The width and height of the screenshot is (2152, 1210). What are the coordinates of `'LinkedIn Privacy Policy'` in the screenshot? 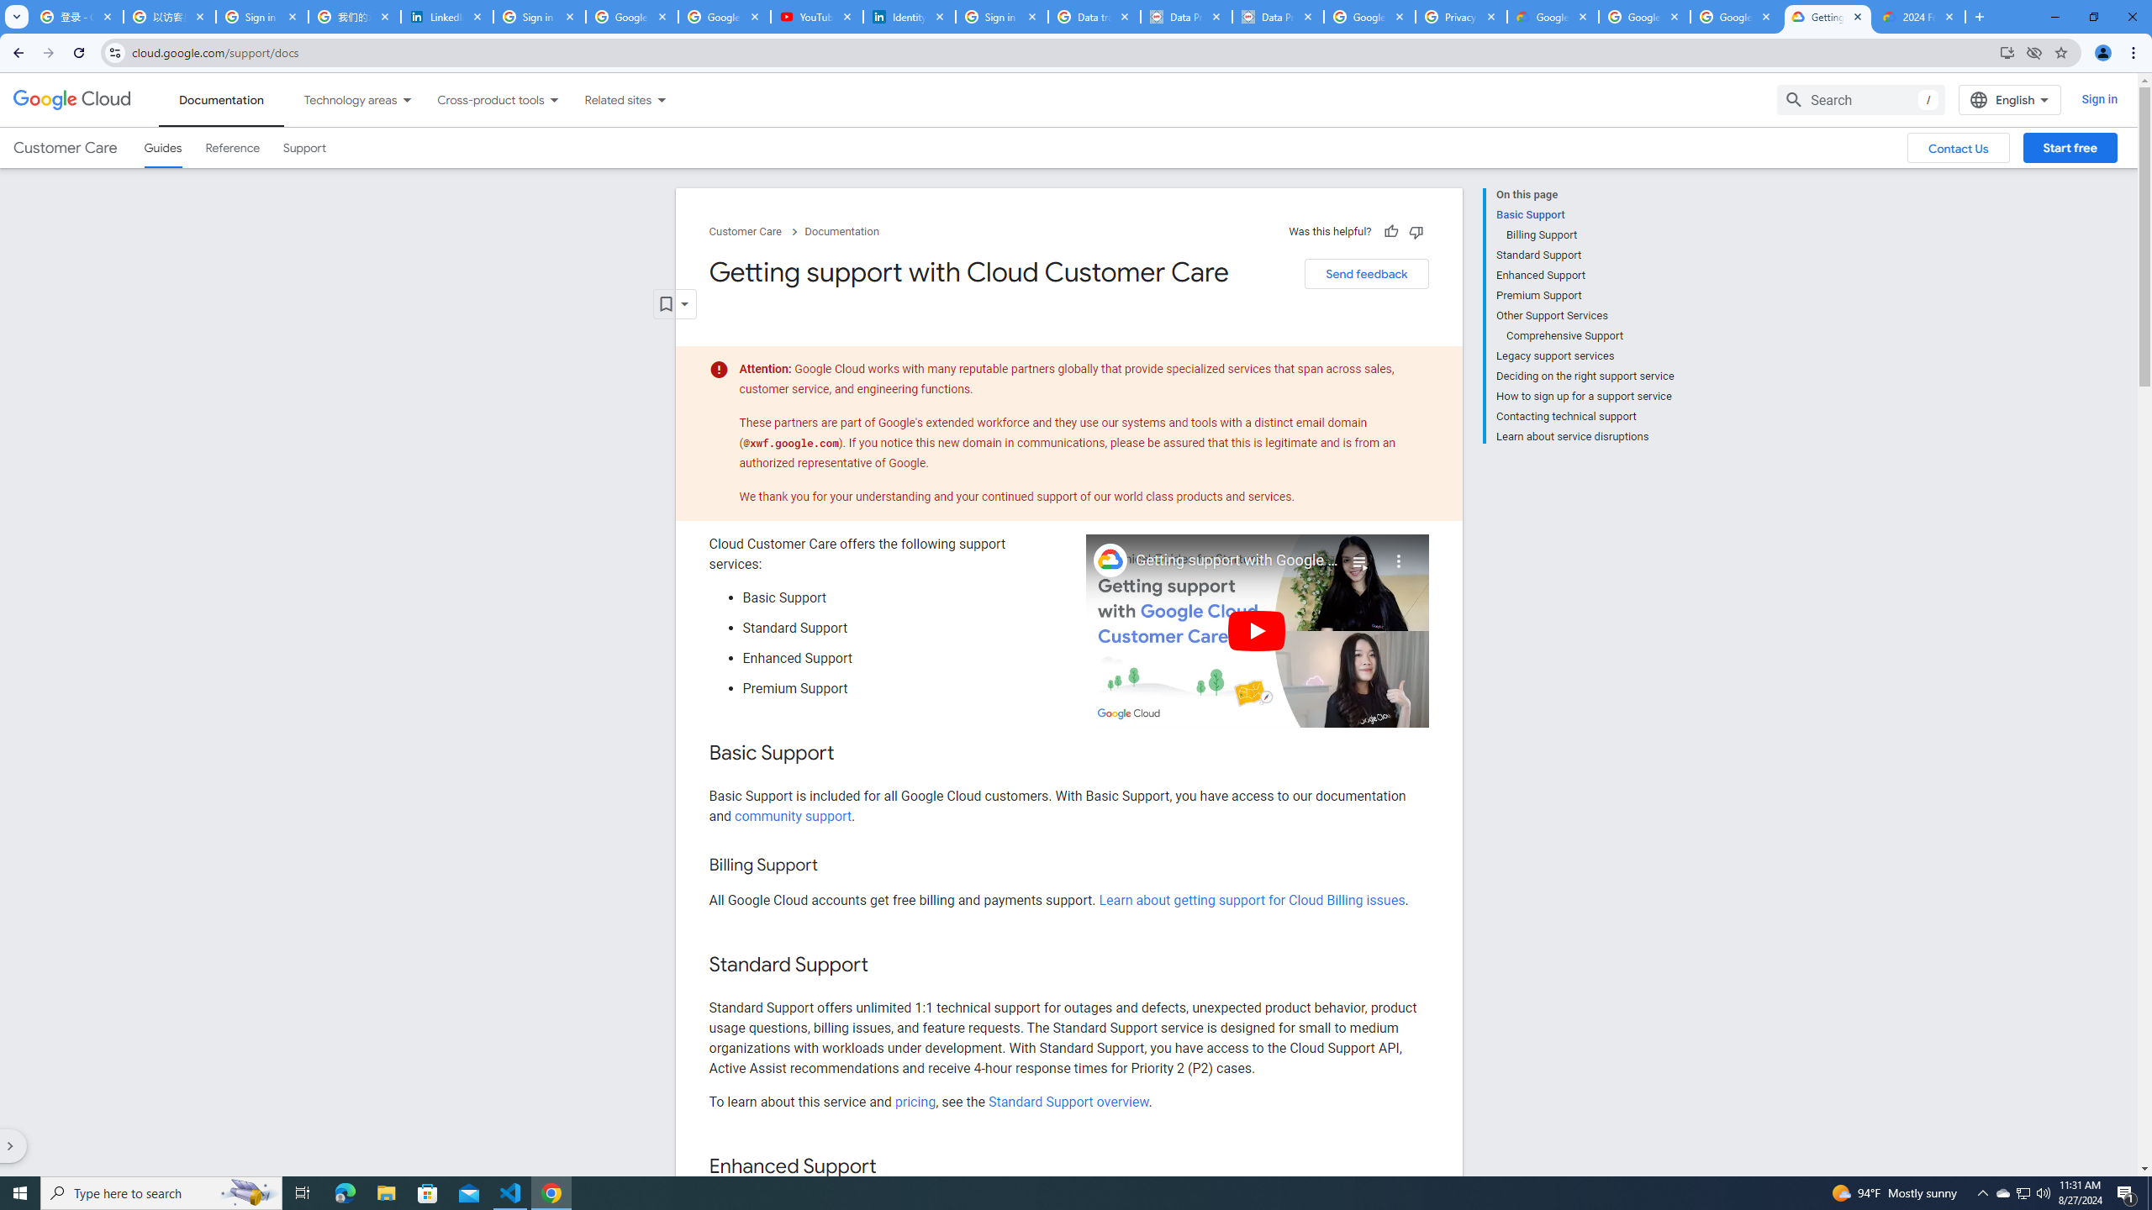 It's located at (446, 16).